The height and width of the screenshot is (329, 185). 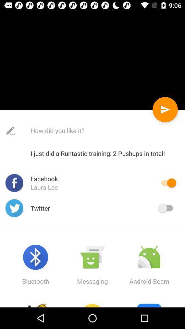 I want to click on twitter logo, so click(x=14, y=208).